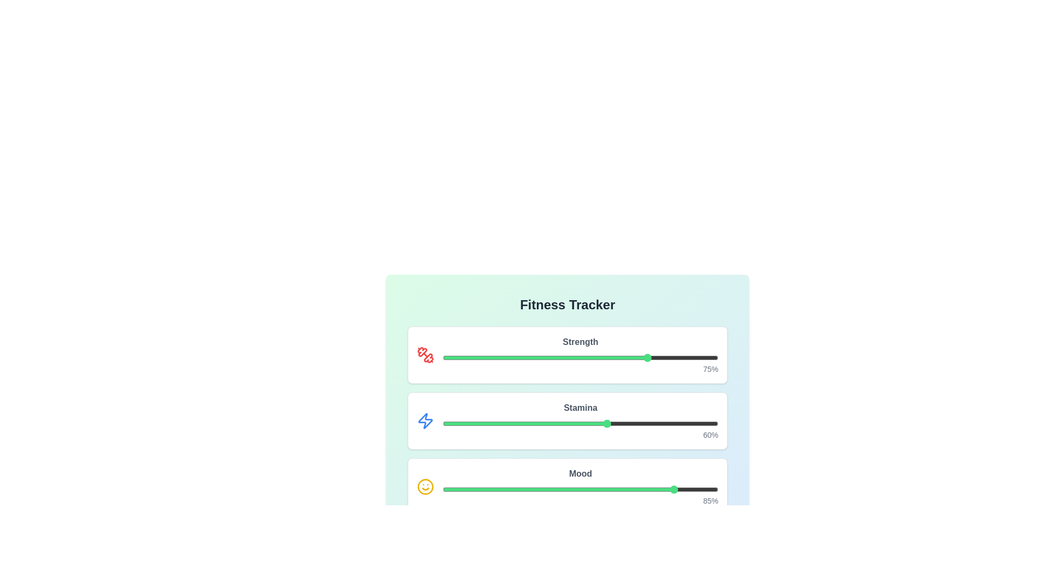 The height and width of the screenshot is (583, 1037). I want to click on the 'Stamina' slider to 40%, so click(553, 423).